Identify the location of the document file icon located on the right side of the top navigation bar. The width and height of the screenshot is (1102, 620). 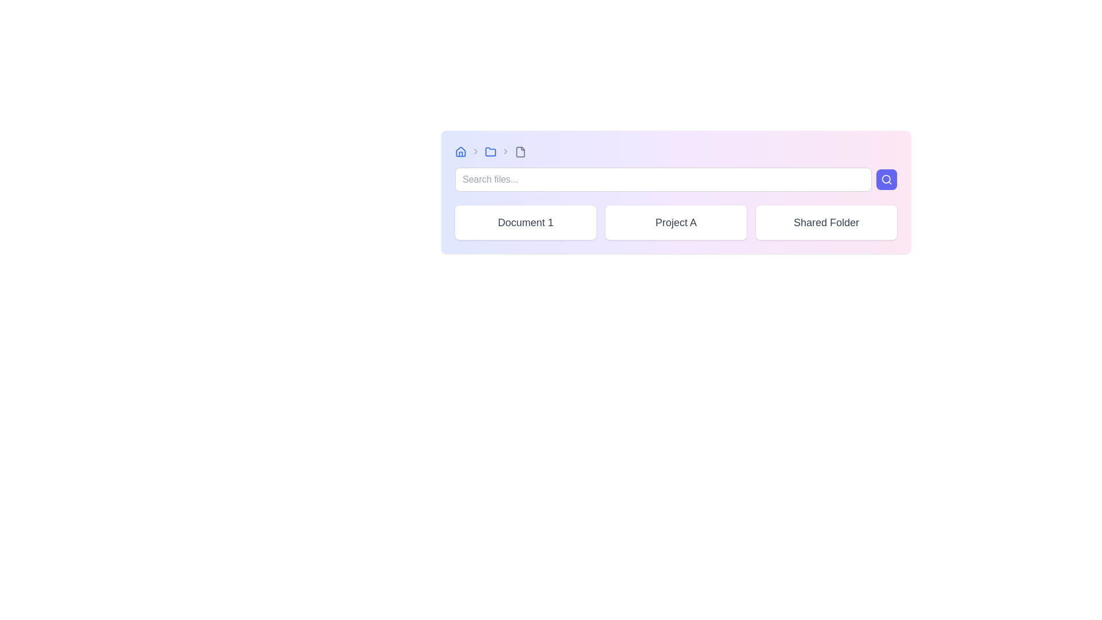
(520, 150).